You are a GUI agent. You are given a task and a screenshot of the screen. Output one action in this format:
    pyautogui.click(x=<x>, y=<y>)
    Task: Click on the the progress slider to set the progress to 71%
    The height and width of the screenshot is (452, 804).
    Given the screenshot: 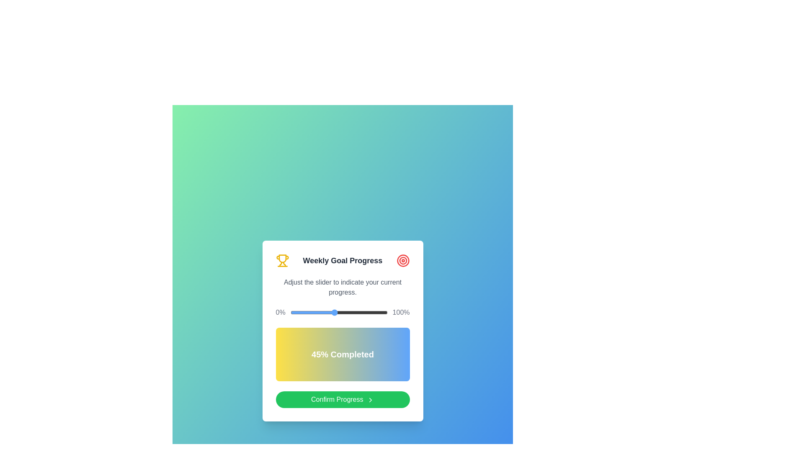 What is the action you would take?
    pyautogui.click(x=359, y=313)
    